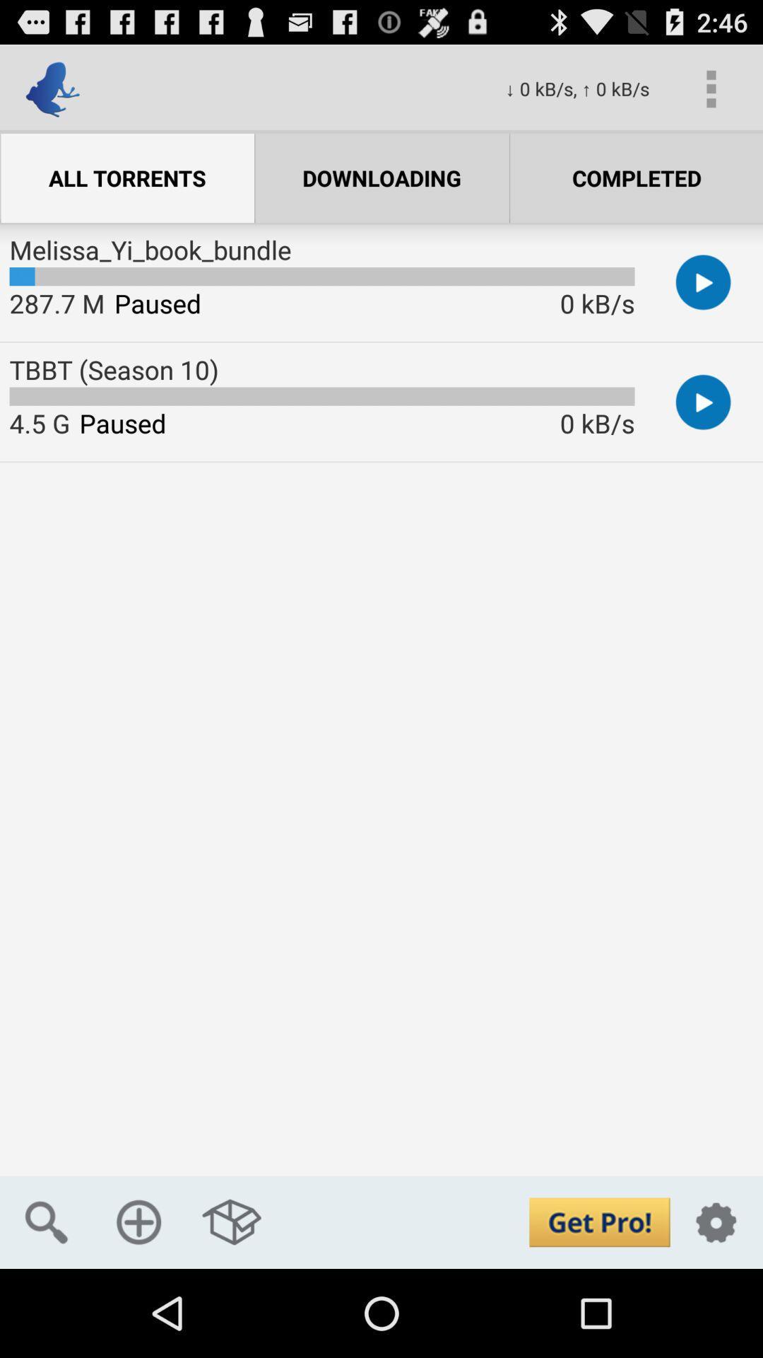 The image size is (763, 1358). Describe the element at coordinates (113, 369) in the screenshot. I see `the tbbt (season 10) icon` at that location.